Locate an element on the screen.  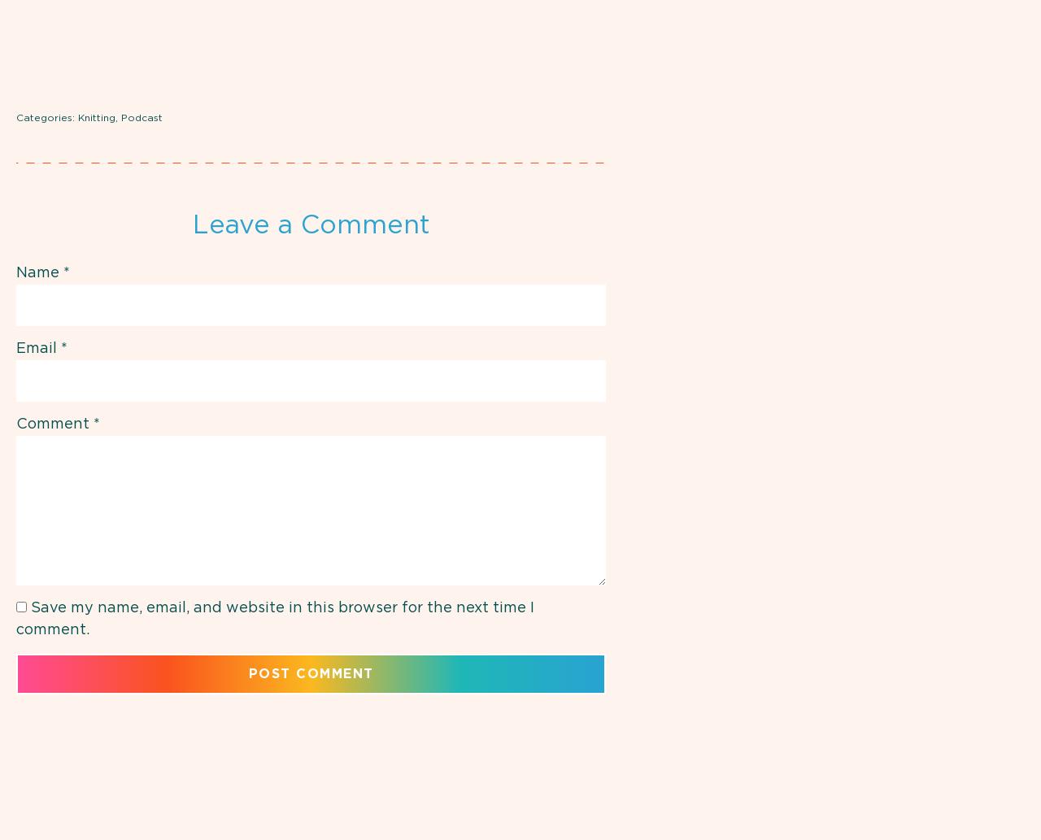
'Comment' is located at coordinates (54, 423).